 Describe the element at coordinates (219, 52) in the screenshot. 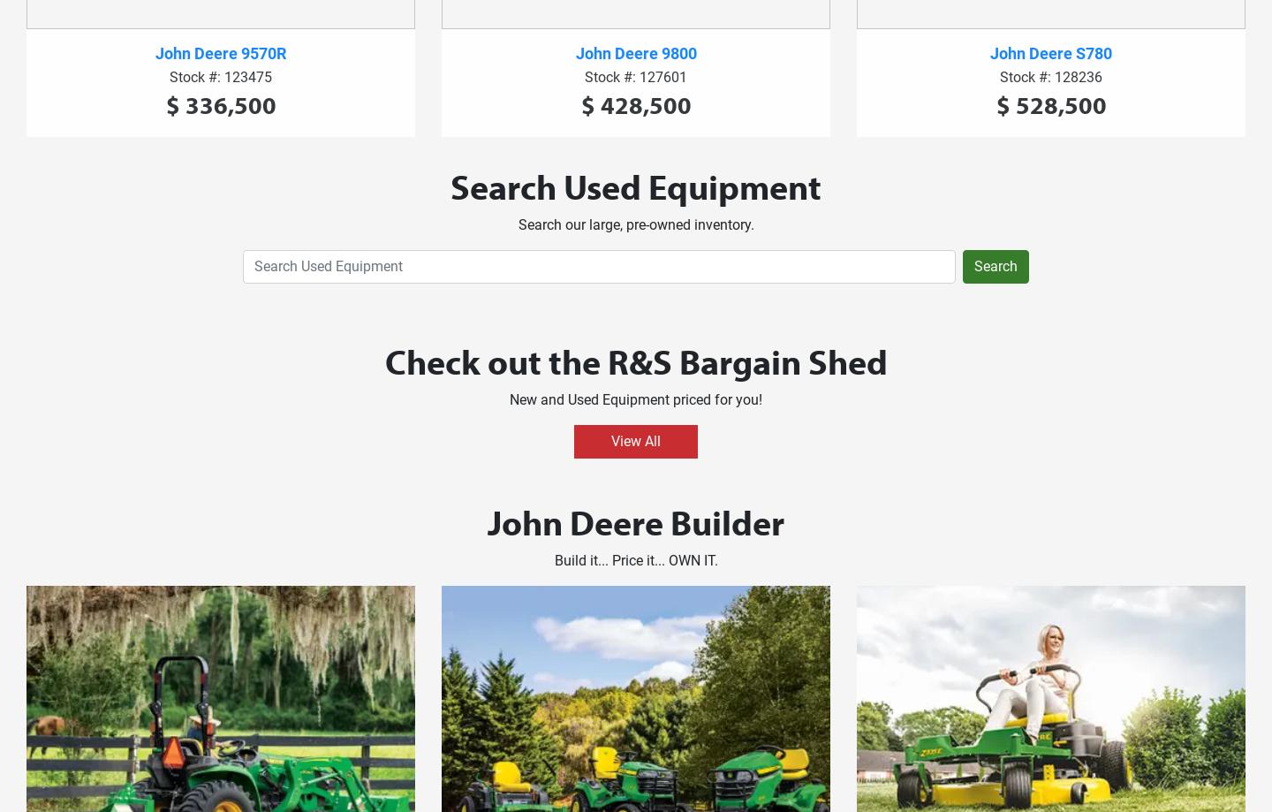

I see `'John Deere 9570R'` at that location.